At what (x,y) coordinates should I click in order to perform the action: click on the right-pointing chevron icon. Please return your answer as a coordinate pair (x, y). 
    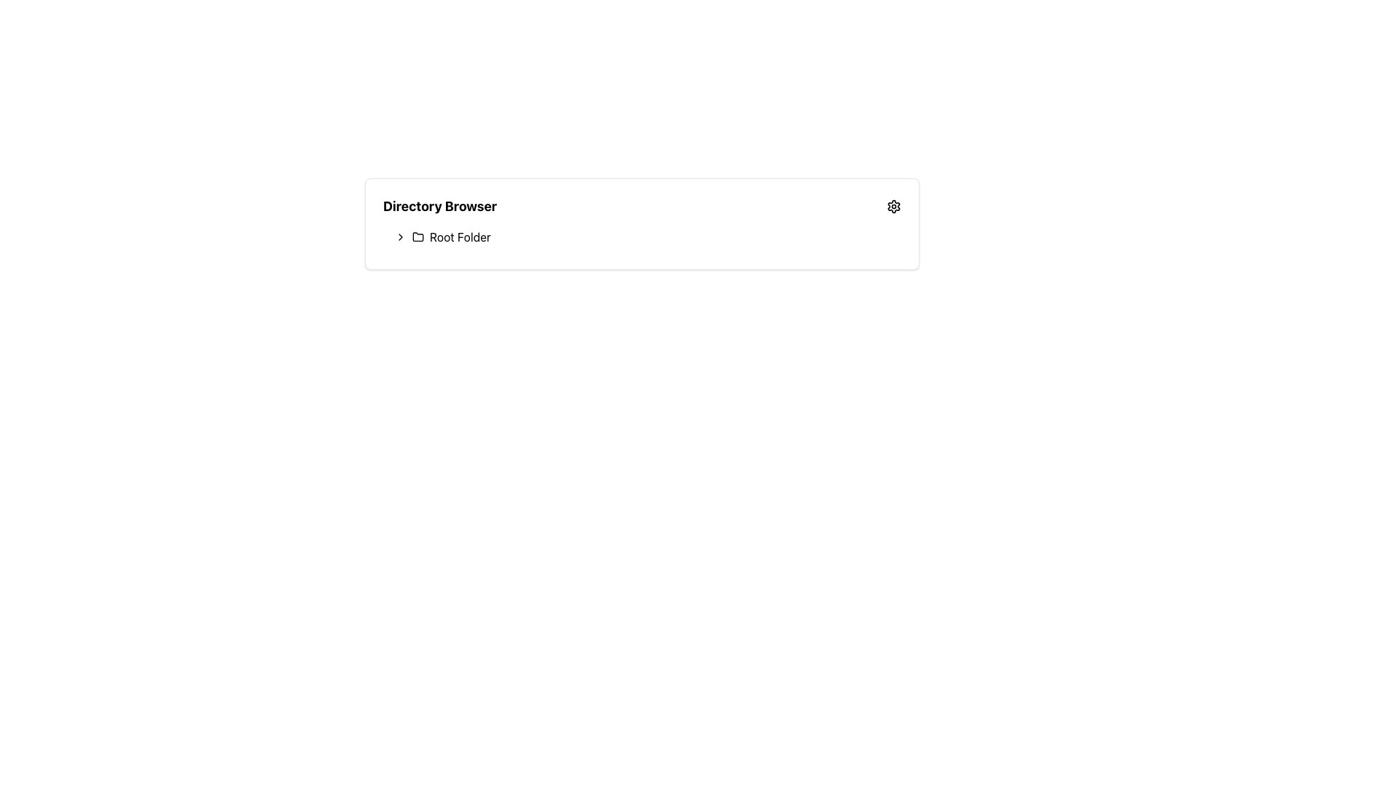
    Looking at the image, I should click on (401, 237).